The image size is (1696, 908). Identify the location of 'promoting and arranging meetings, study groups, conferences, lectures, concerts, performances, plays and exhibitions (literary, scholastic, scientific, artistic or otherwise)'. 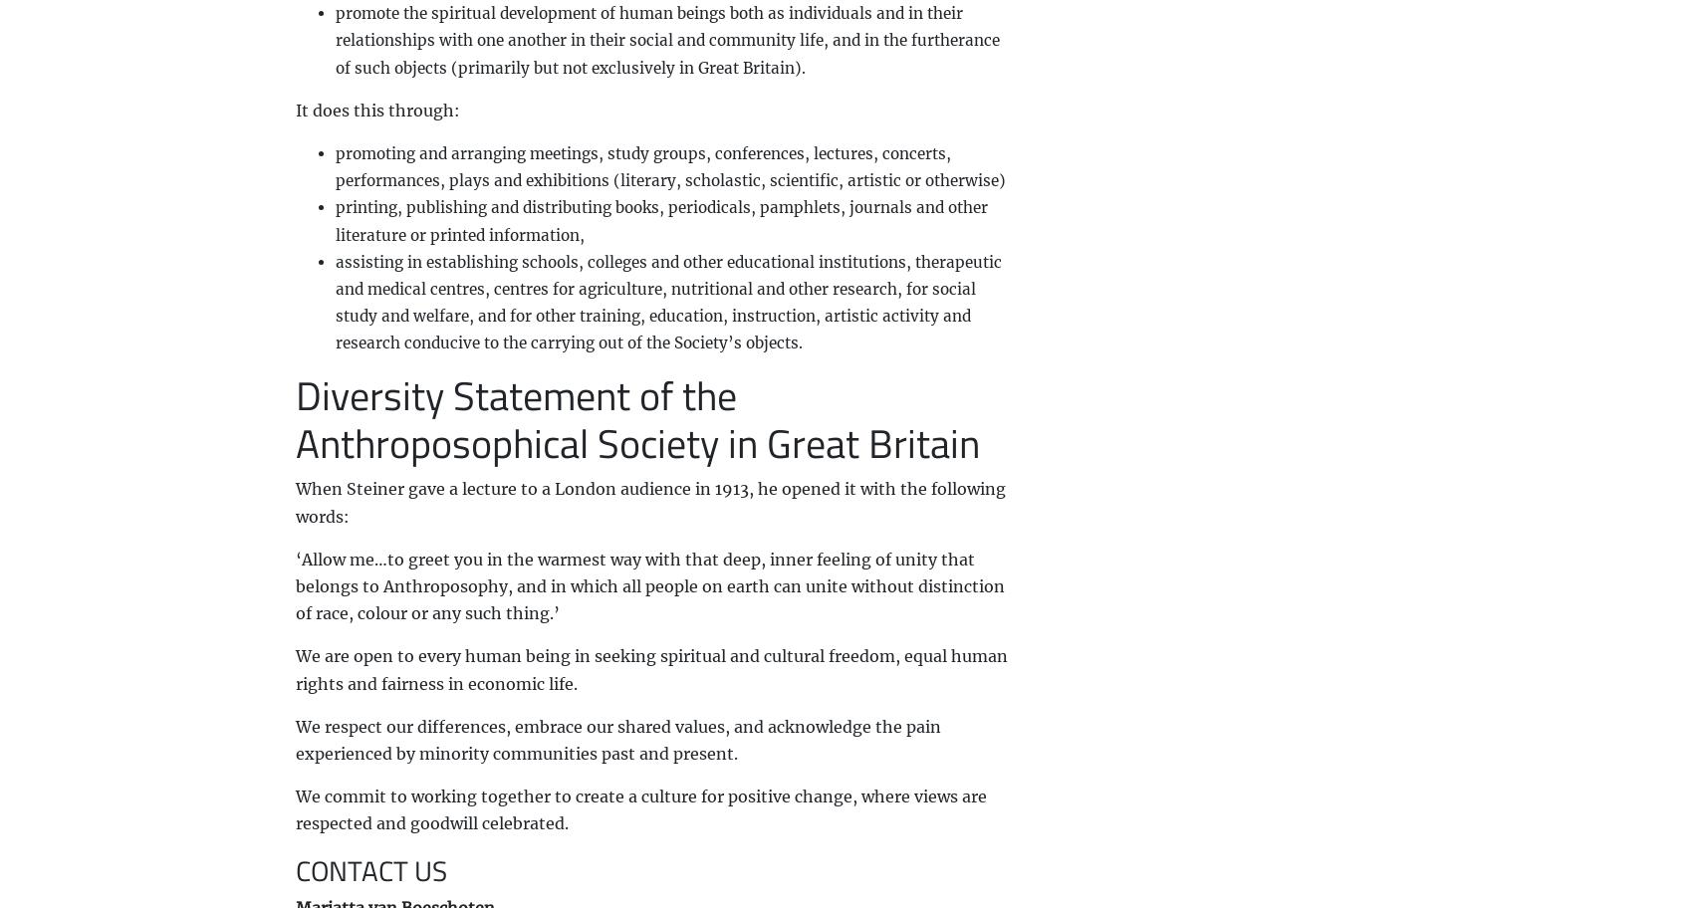
(668, 166).